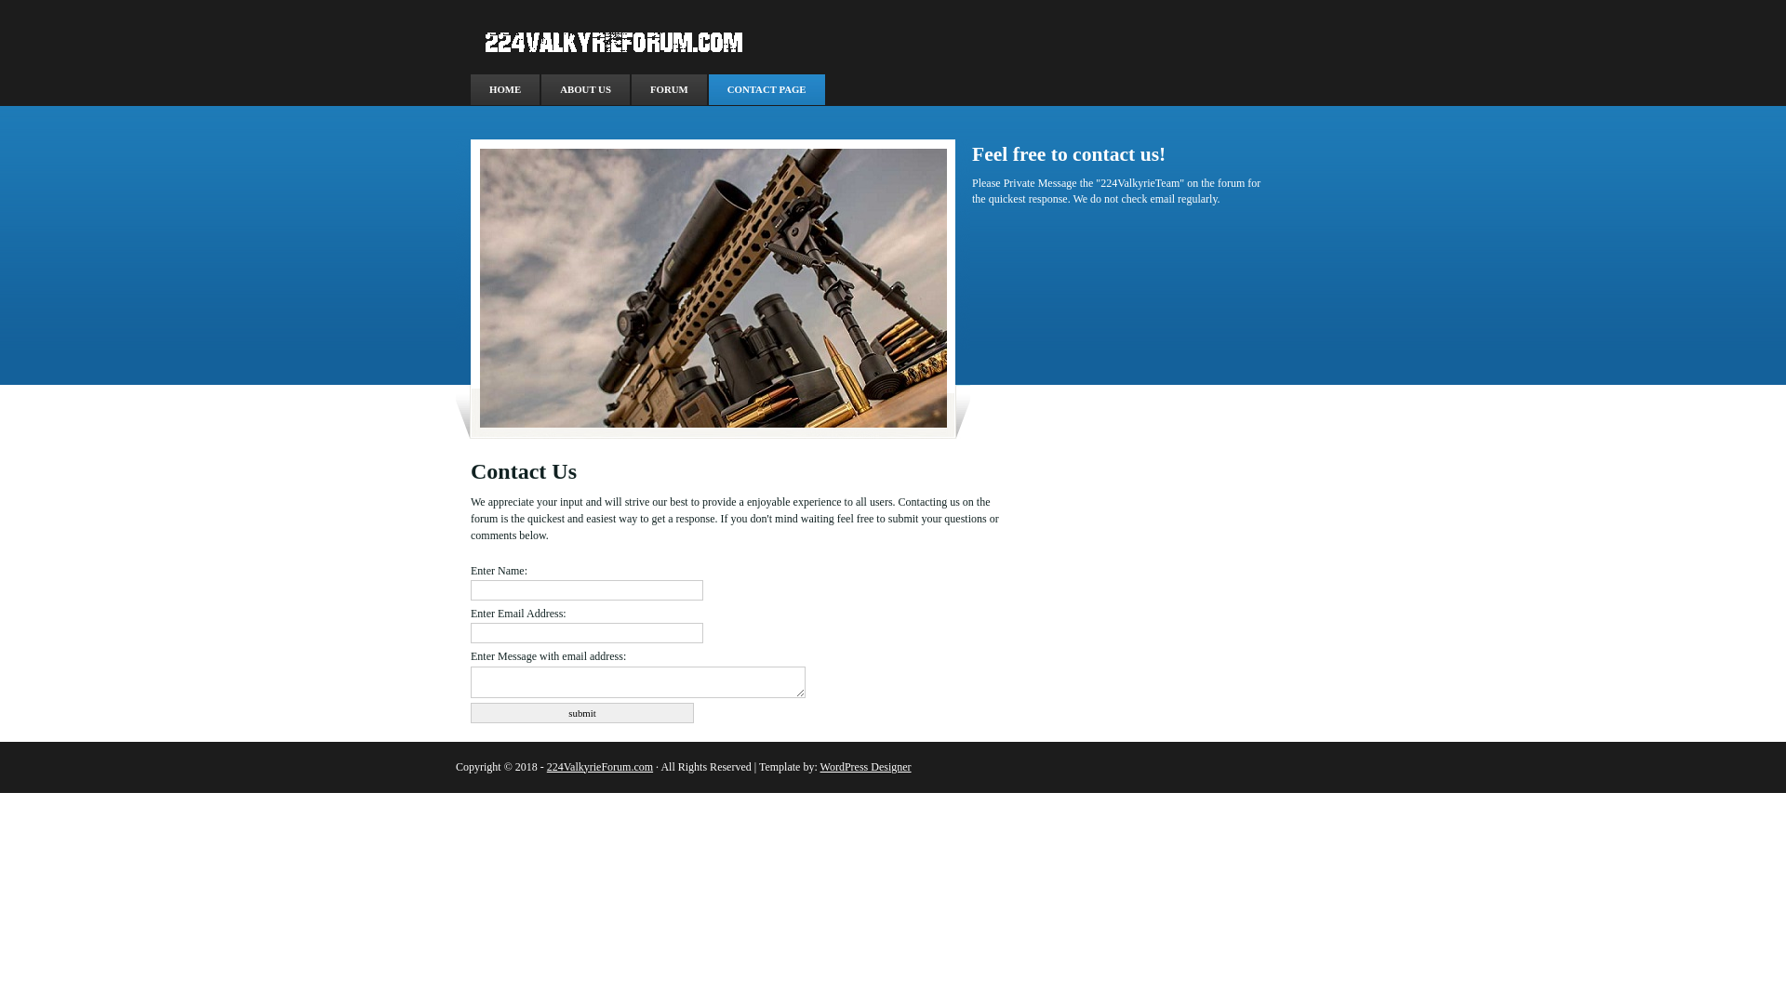 Image resolution: width=1786 pixels, height=1004 pixels. Describe the element at coordinates (766, 89) in the screenshot. I see `'CONTACT PAGE'` at that location.